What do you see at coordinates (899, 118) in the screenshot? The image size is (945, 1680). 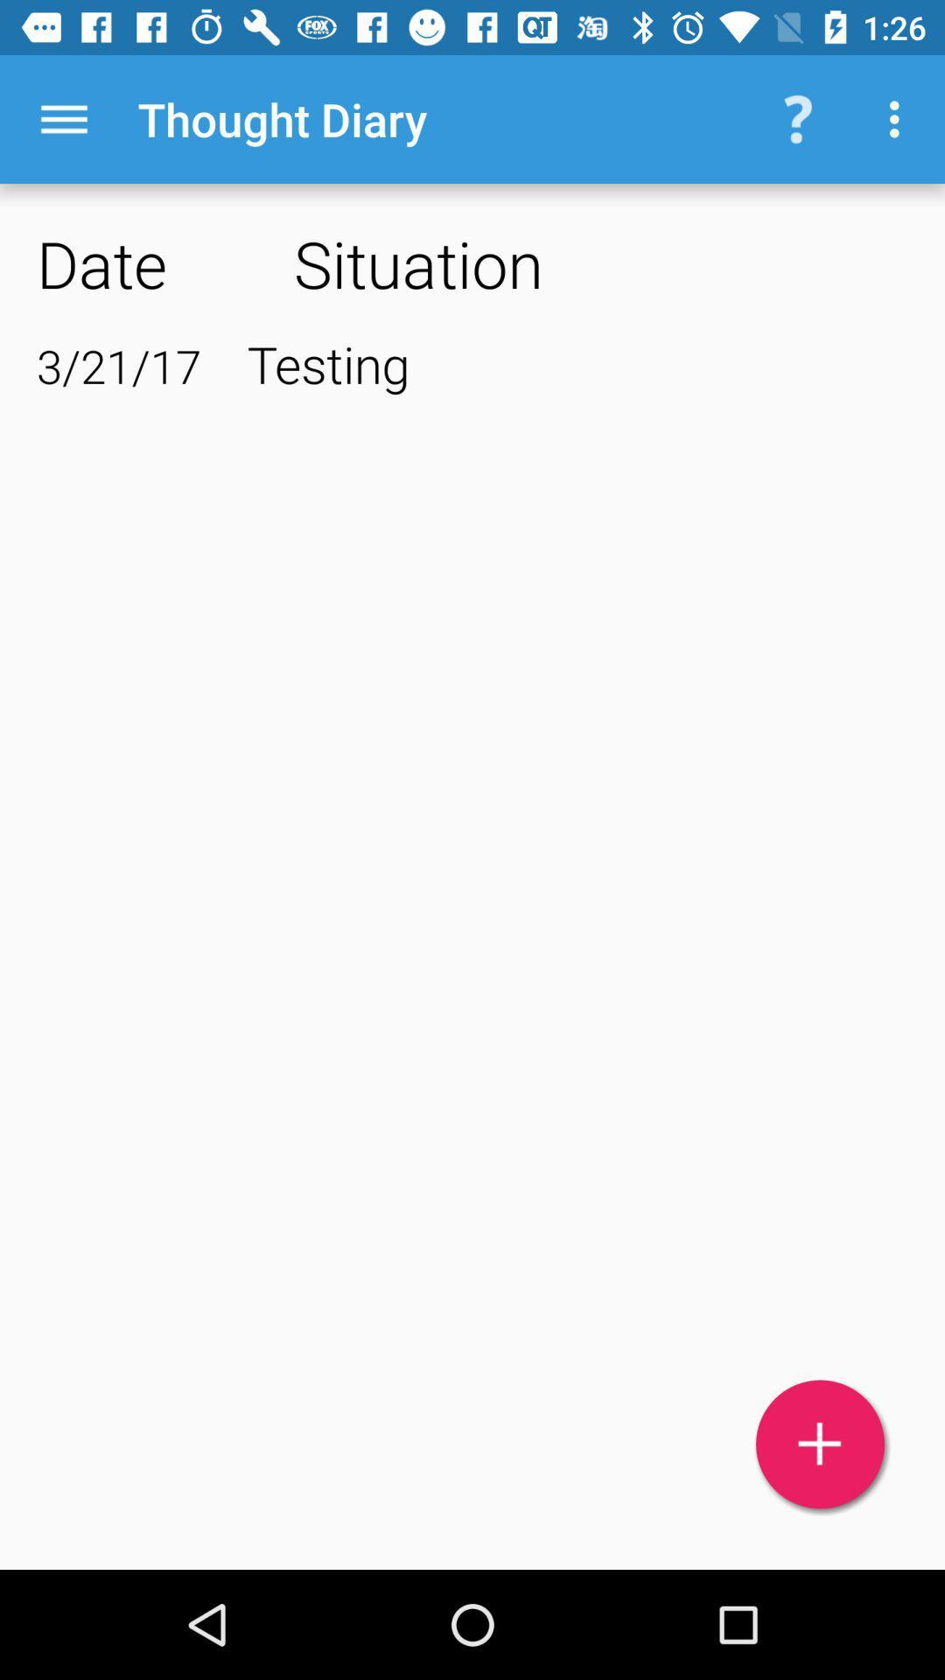 I see `the app above situation item` at bounding box center [899, 118].